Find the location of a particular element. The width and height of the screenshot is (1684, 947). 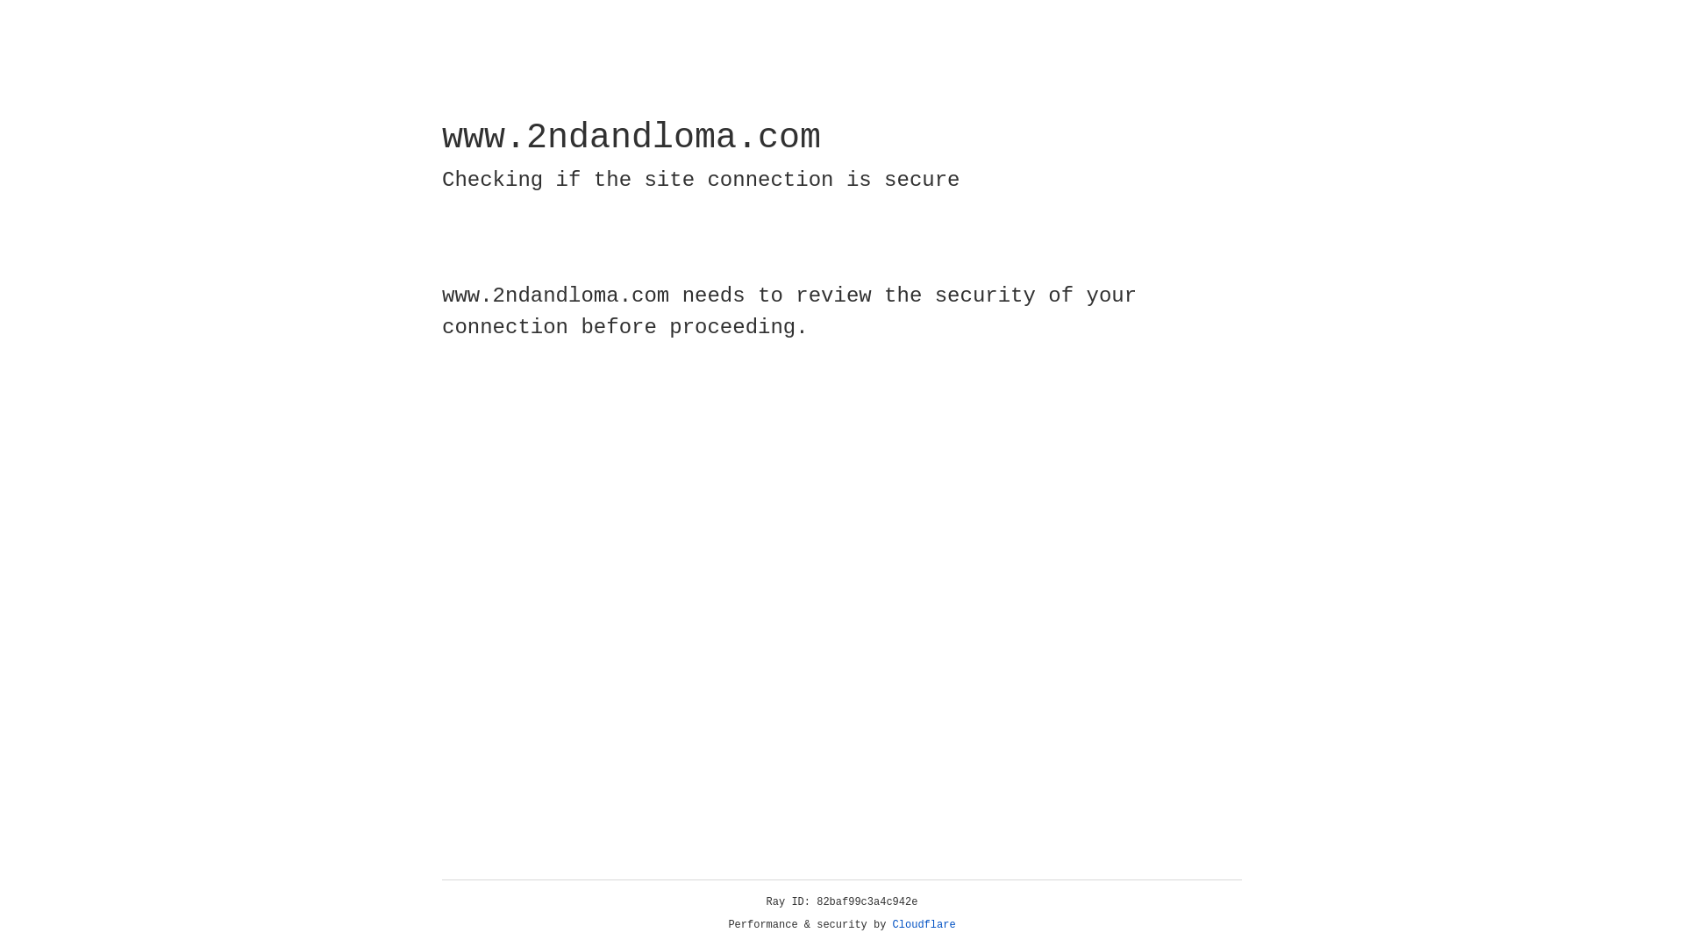

'Cloudflare' is located at coordinates (924, 924).